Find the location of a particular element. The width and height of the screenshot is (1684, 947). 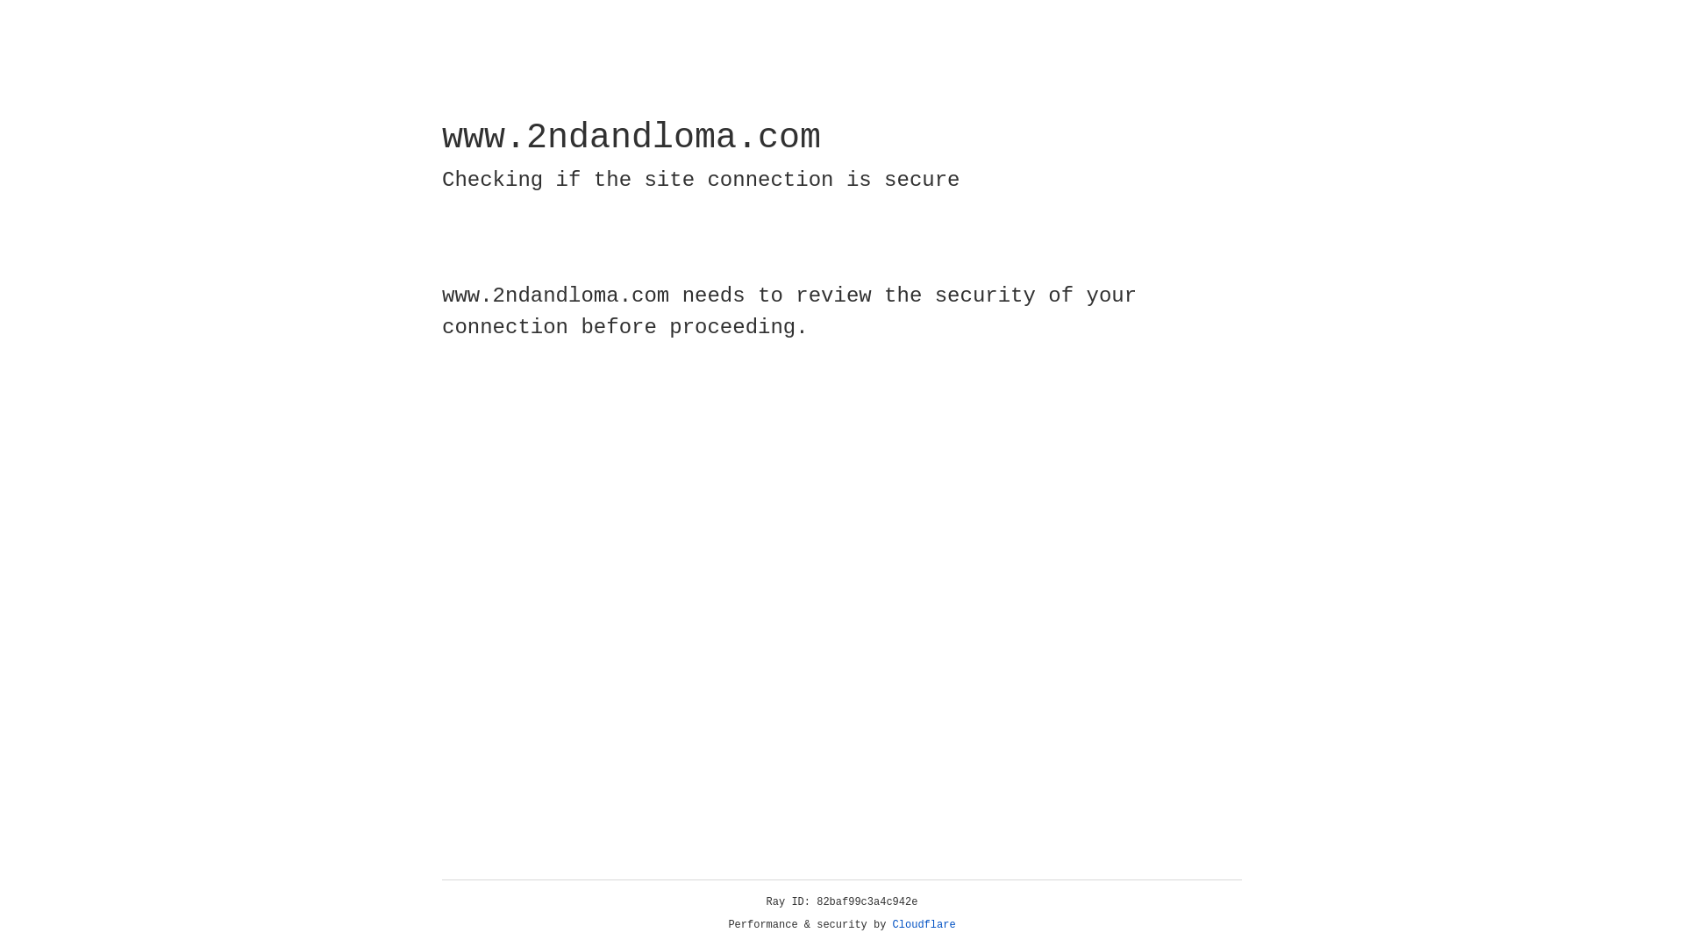

'Cloudflare' is located at coordinates (924, 924).